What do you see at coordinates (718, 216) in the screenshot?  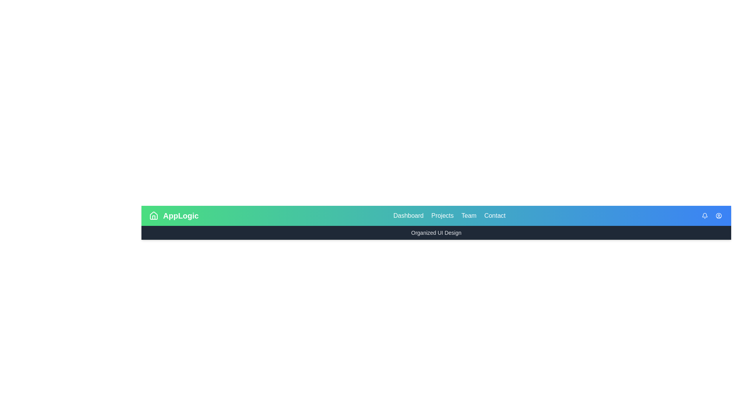 I see `the utility icon user_circle` at bounding box center [718, 216].